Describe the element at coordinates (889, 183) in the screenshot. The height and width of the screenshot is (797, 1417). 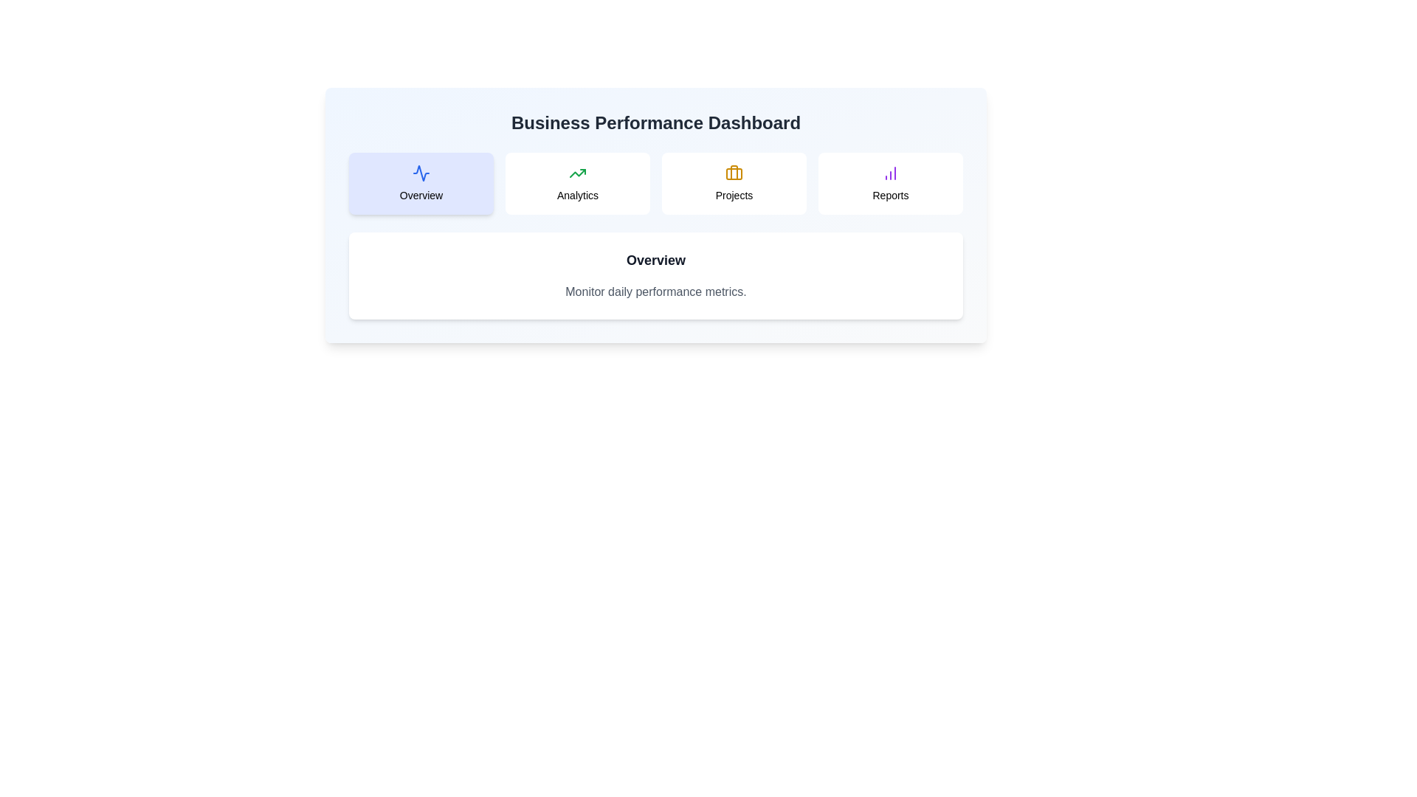
I see `the tab labeled 'Reports' to view its content` at that location.